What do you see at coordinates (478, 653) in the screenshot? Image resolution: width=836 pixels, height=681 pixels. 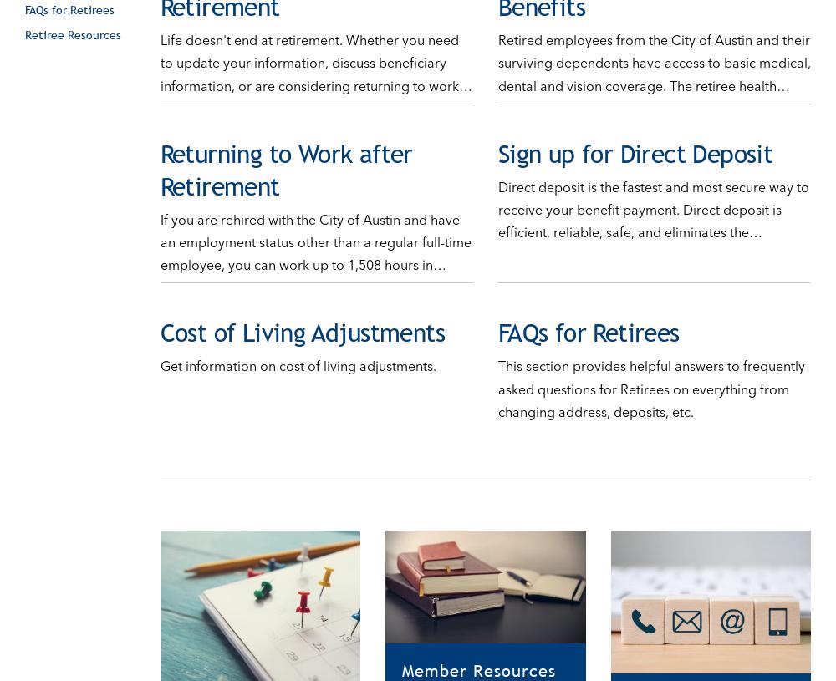 I see `'Member Resources'` at bounding box center [478, 653].